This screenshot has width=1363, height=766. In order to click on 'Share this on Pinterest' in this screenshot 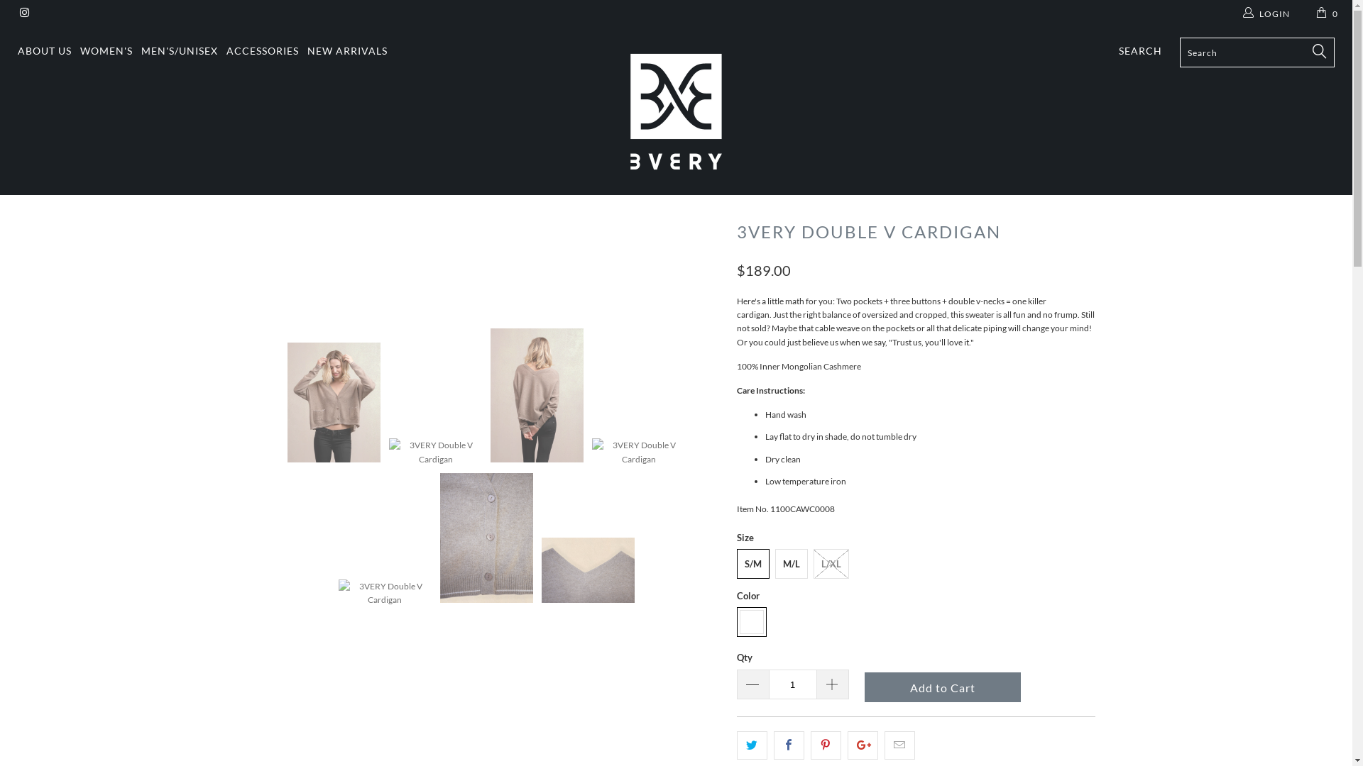, I will do `click(826, 744)`.